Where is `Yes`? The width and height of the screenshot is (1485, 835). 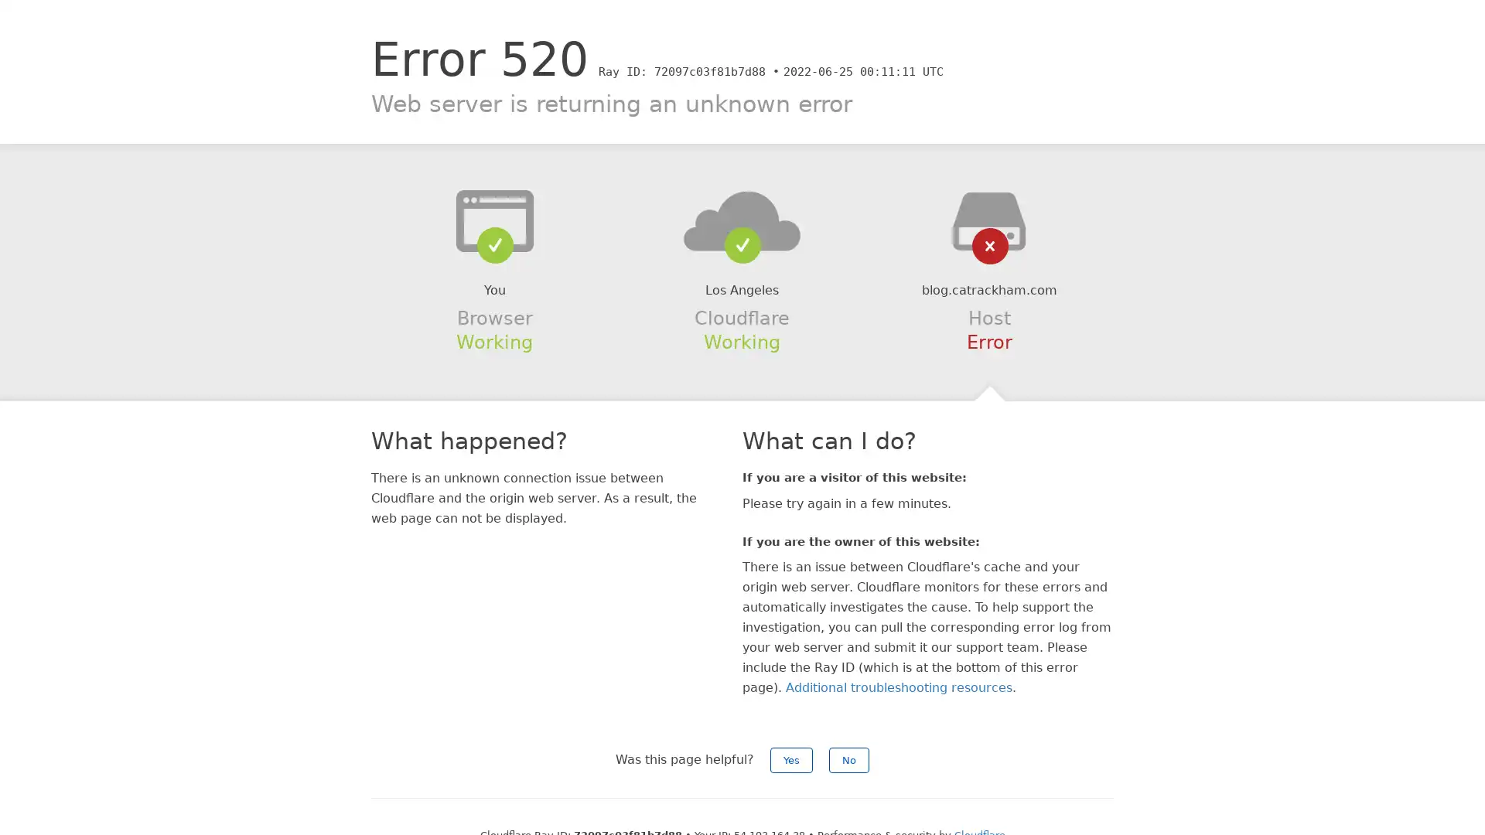 Yes is located at coordinates (791, 759).